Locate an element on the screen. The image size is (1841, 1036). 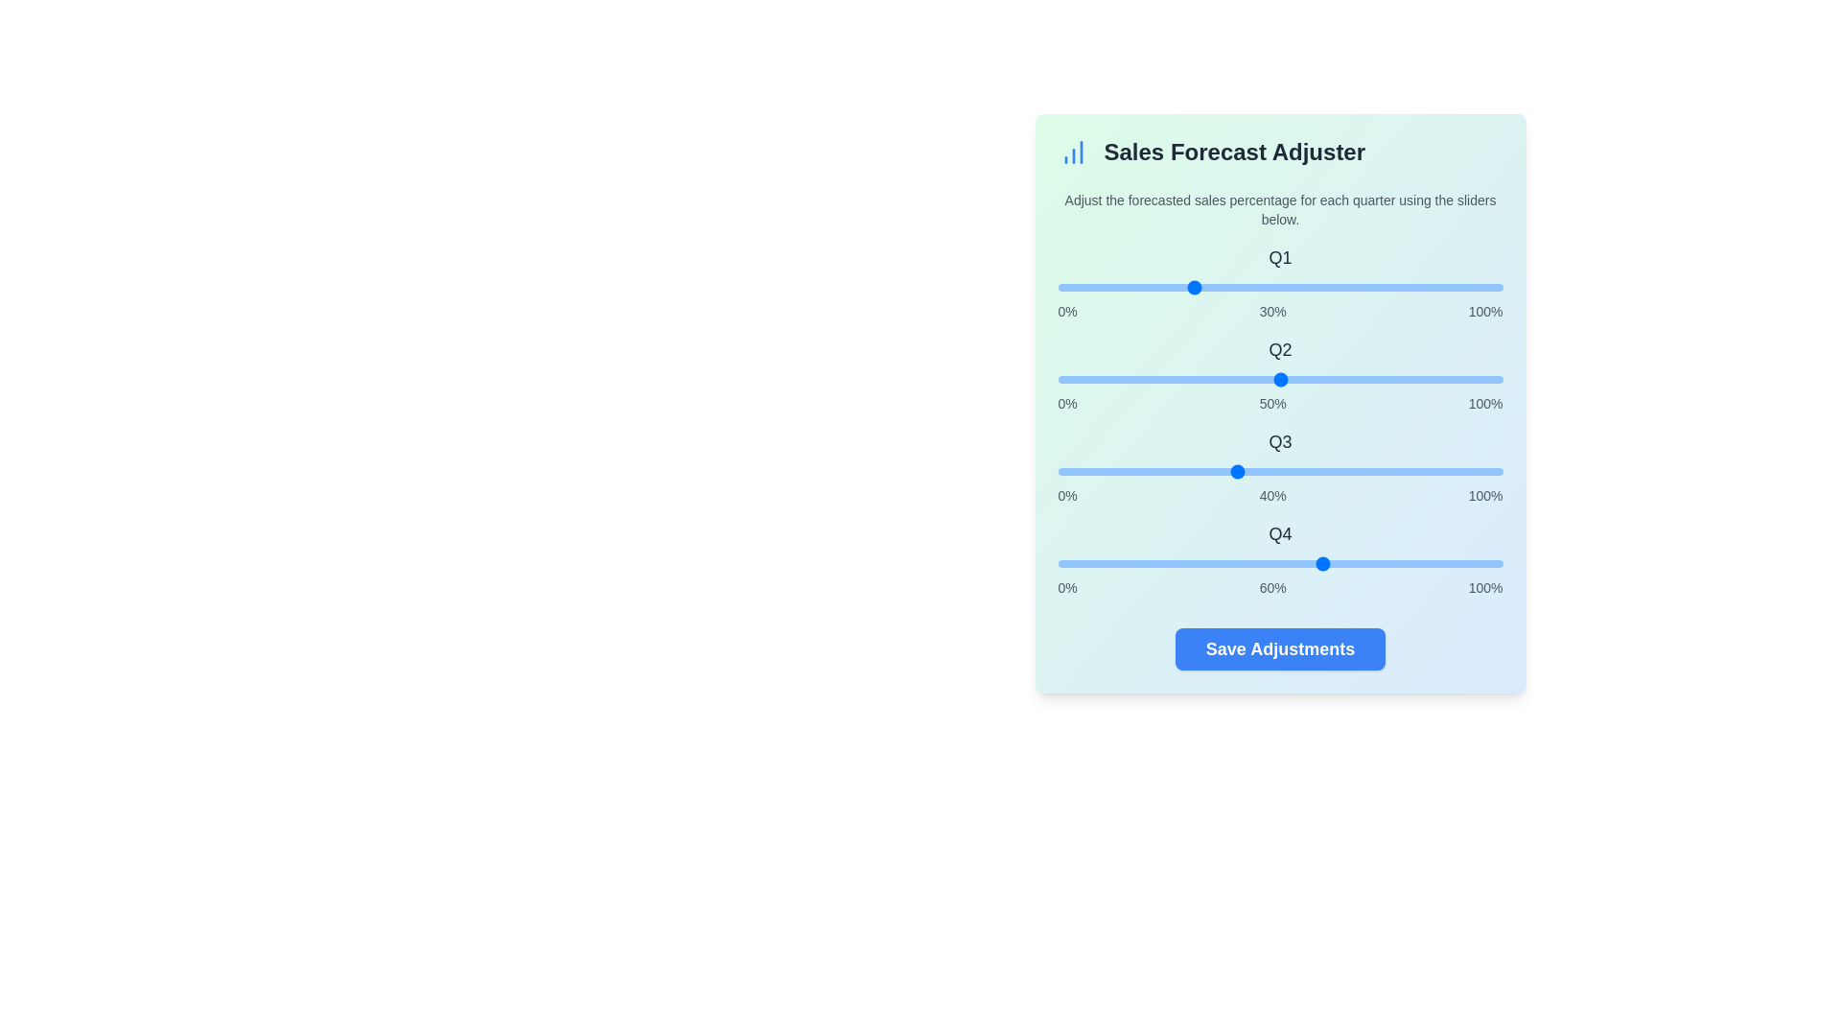
the 'Sales Forecast Adjuster' title to focus or select is located at coordinates (1280, 151).